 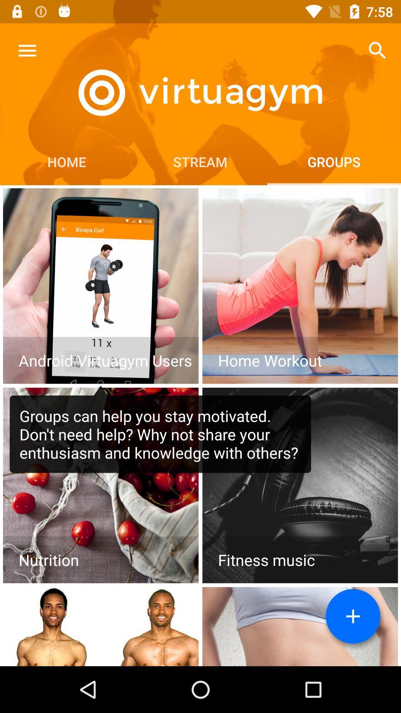 I want to click on fitness music category, so click(x=300, y=485).